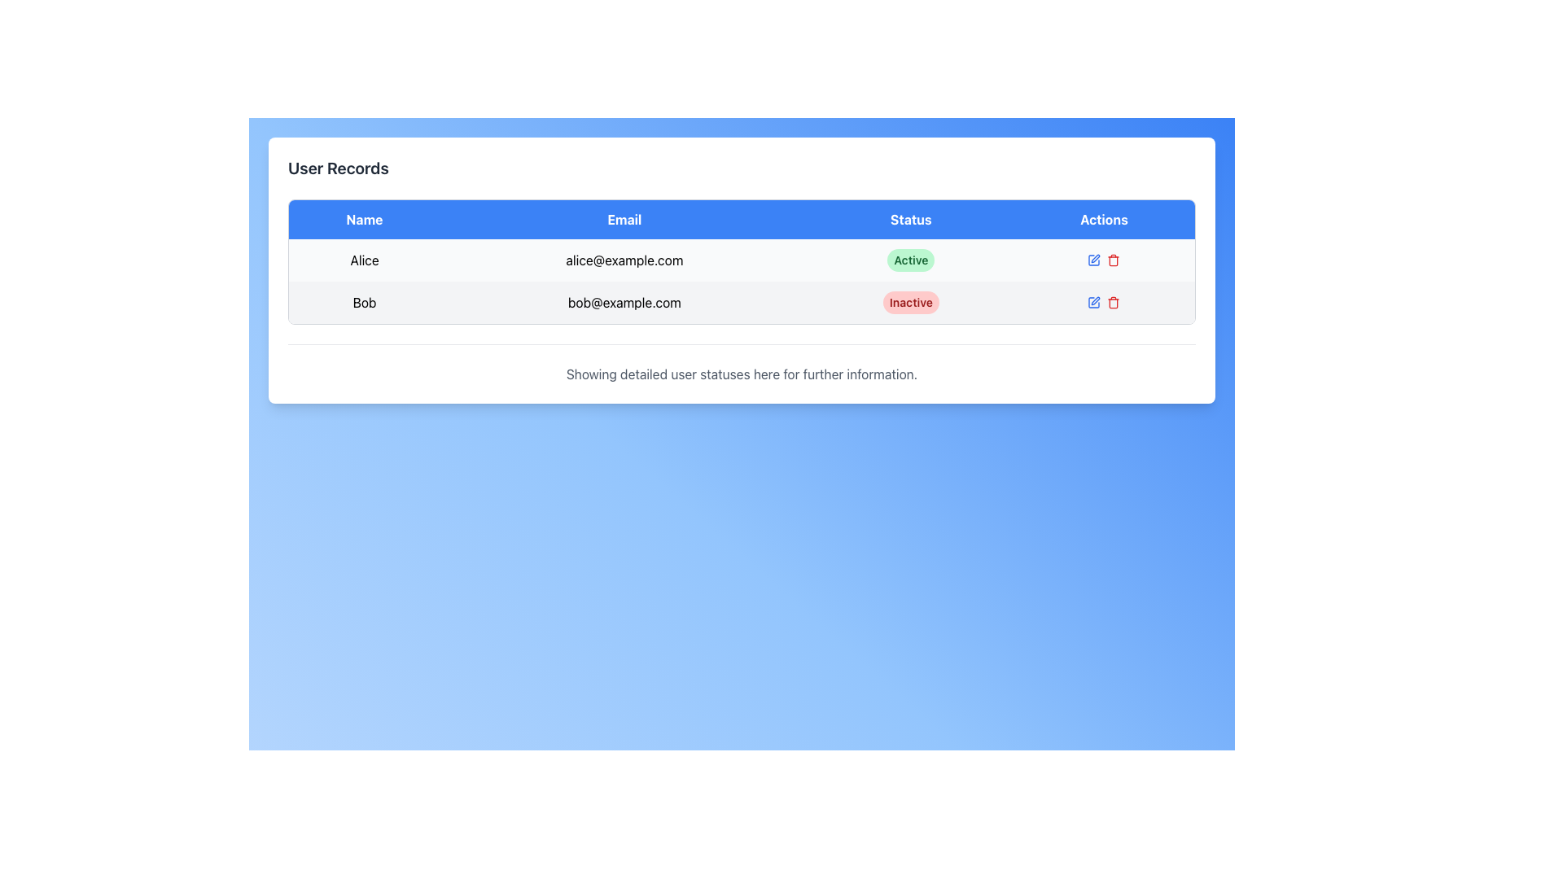 The image size is (1563, 879). Describe the element at coordinates (363, 302) in the screenshot. I see `the user name text label located in the first cell of the second row of the user records table, under the 'Name' column` at that location.